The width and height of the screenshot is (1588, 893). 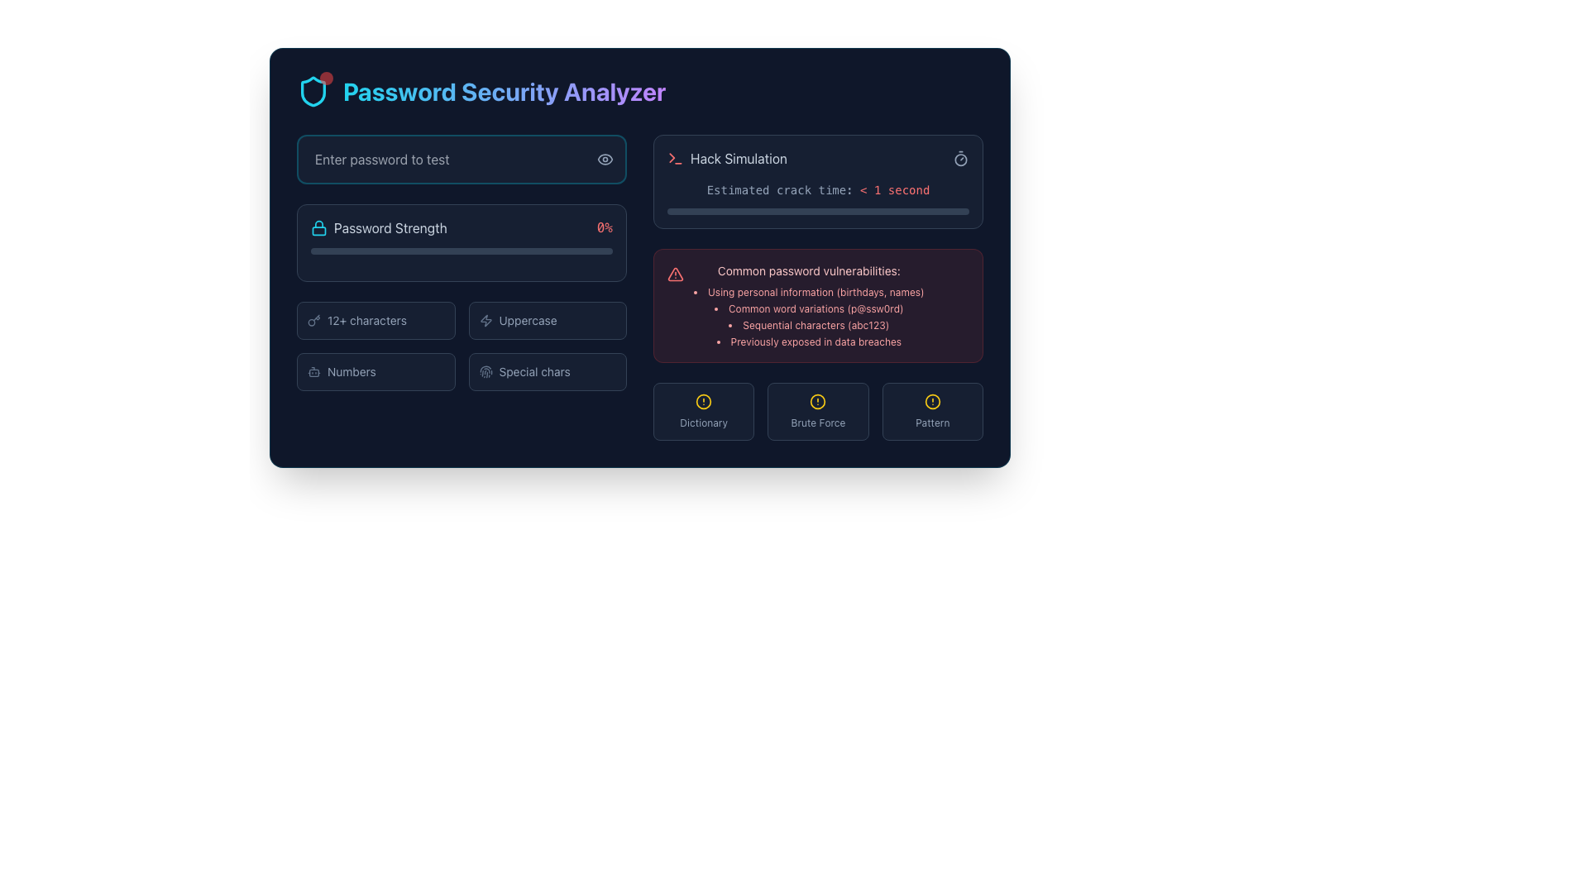 What do you see at coordinates (818, 306) in the screenshot?
I see `the informational text box that provides warnings about common password vulnerabilities, located below the 'Hack Simulation' section in the 'Password Security Analyzer' area` at bounding box center [818, 306].